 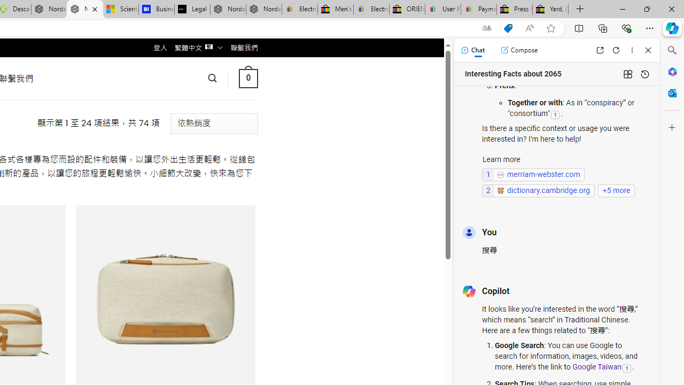 What do you see at coordinates (486, 28) in the screenshot?
I see `'Show translate options'` at bounding box center [486, 28].